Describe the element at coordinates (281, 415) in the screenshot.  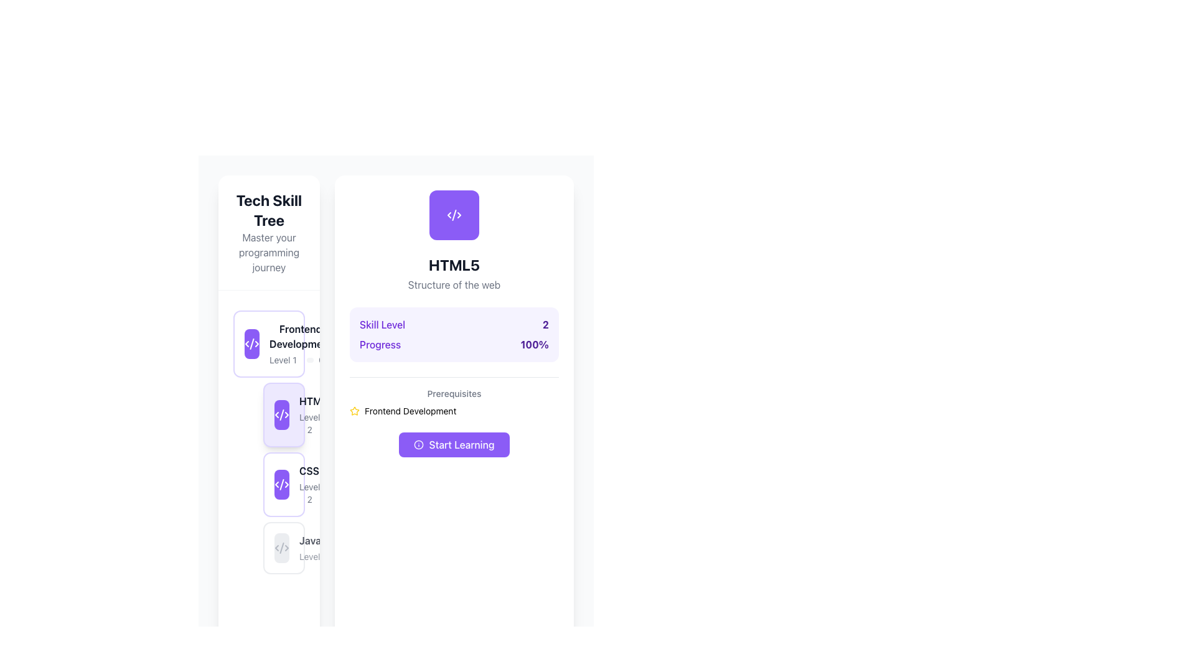
I see `the programming skill icon representing 'HTML5' located at the top of its content area within the skill card` at that location.